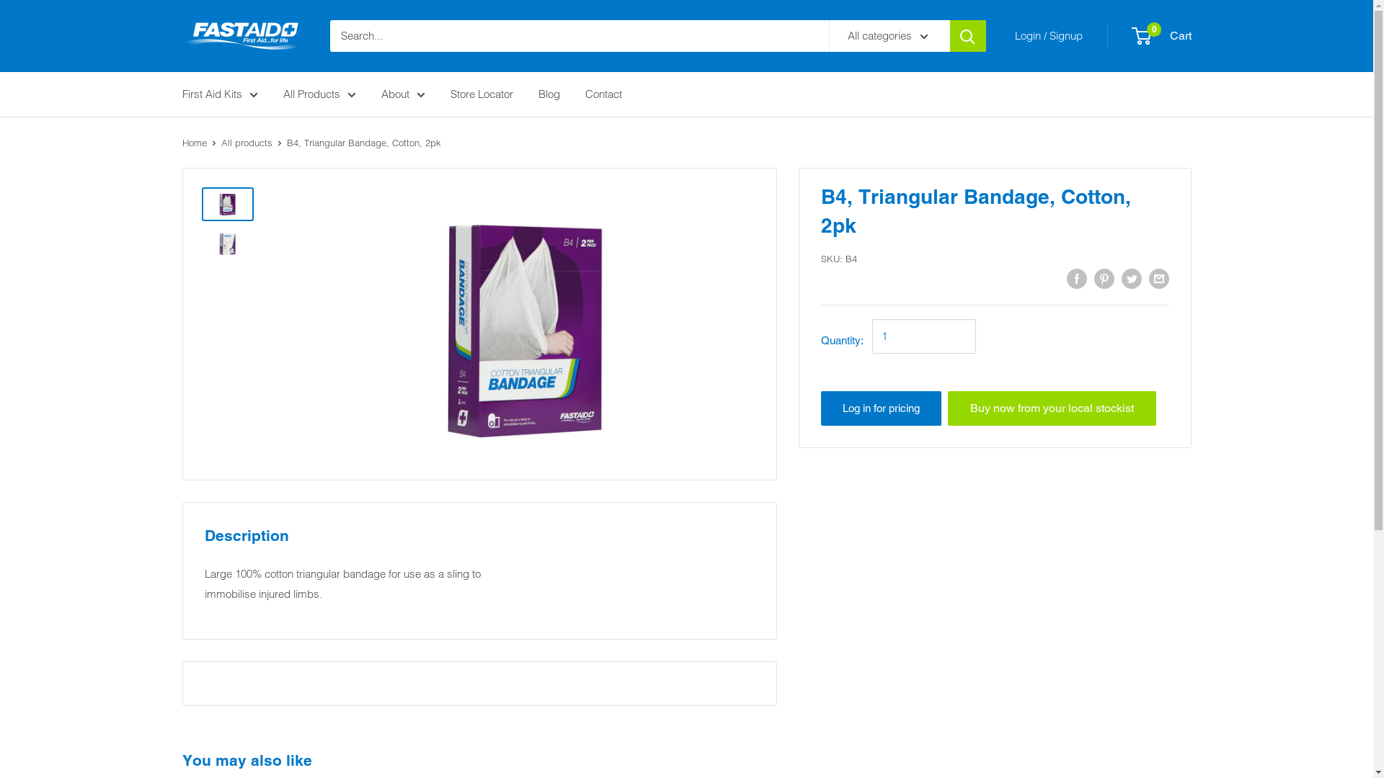 The height and width of the screenshot is (778, 1384). What do you see at coordinates (218, 94) in the screenshot?
I see `'First Aid Kits'` at bounding box center [218, 94].